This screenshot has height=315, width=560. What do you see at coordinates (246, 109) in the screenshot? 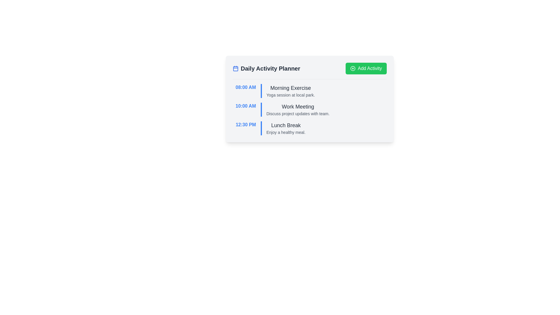
I see `text displayed in the leftmost Text Display element that indicates the scheduled time for the 'Work Meeting' activity` at bounding box center [246, 109].